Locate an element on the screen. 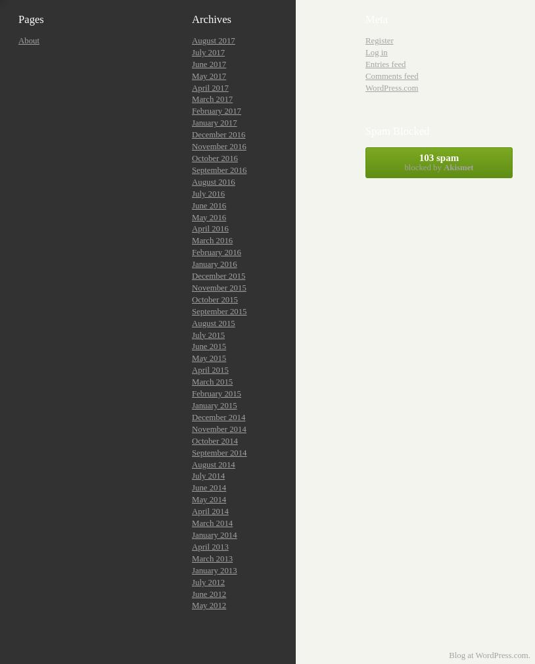 The width and height of the screenshot is (535, 664). 'November 2014' is located at coordinates (219, 427).